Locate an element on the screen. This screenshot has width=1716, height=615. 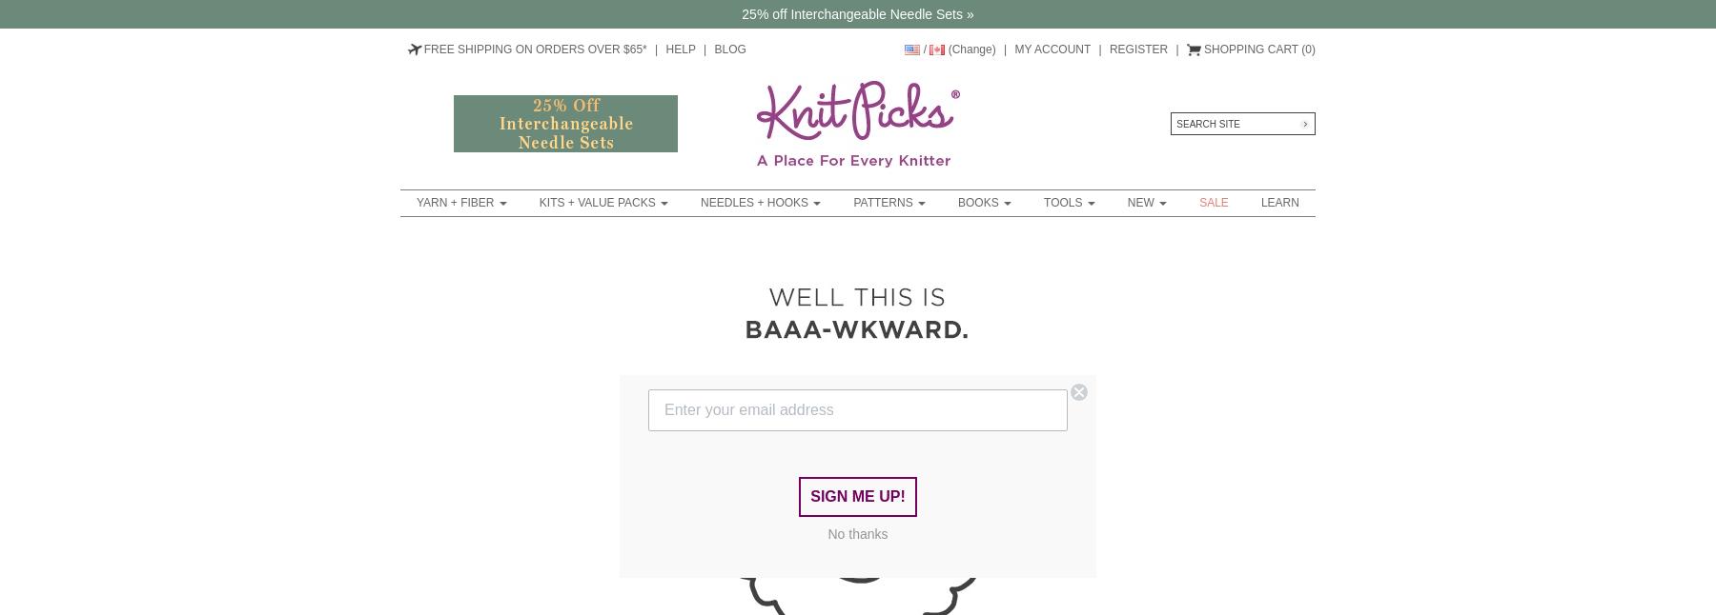
'Yarn + Fiber' is located at coordinates (417, 202).